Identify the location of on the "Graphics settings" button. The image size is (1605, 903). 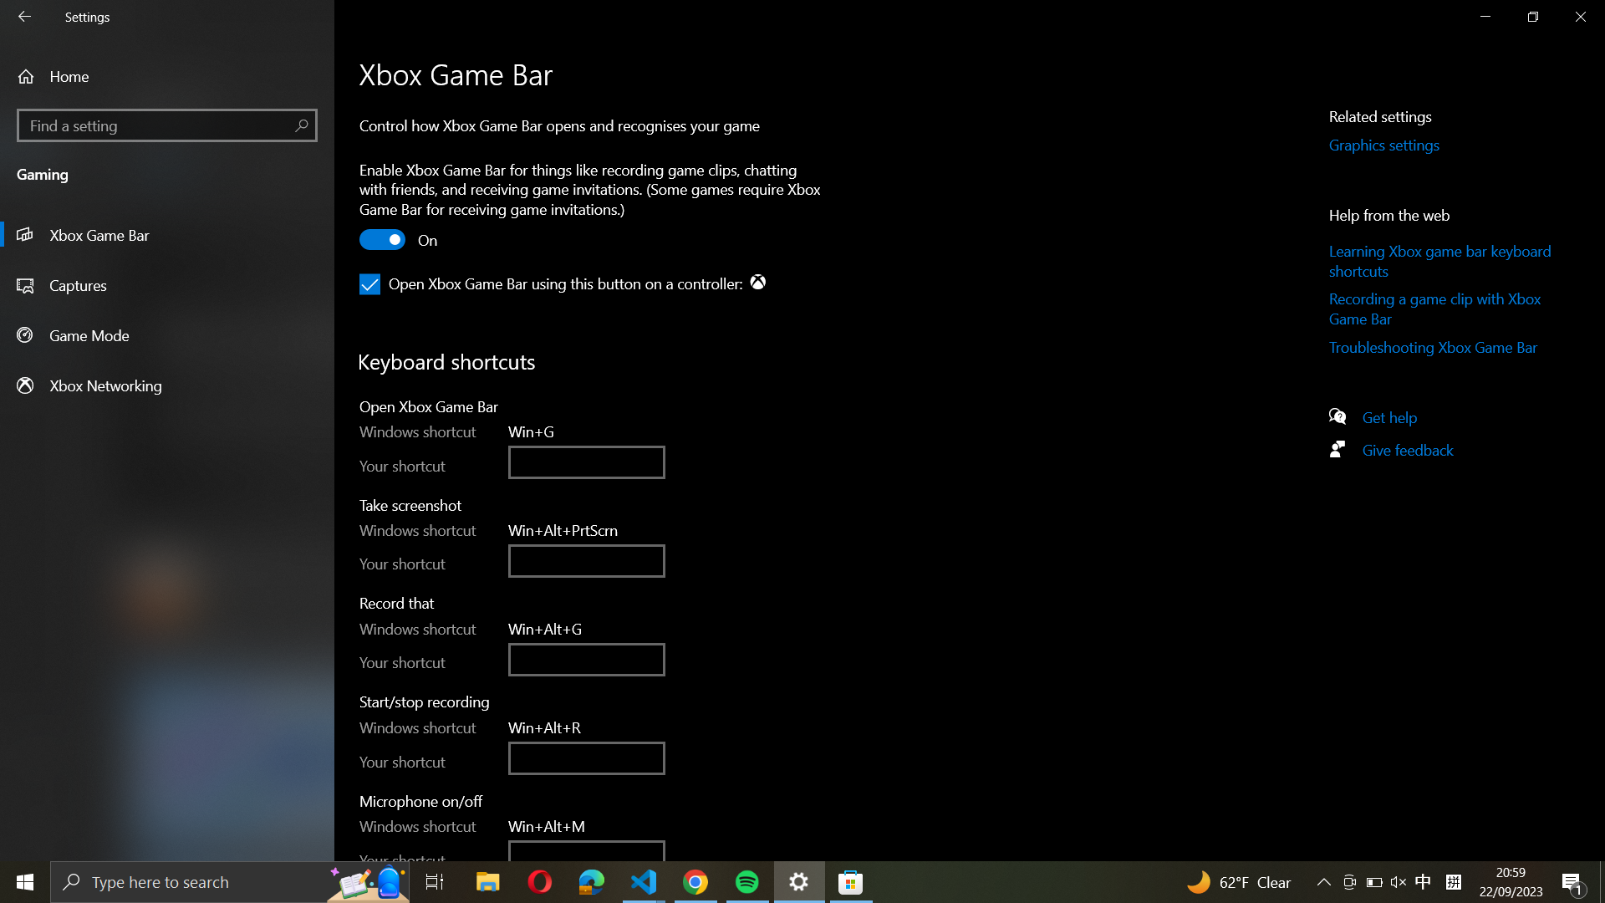
(1404, 145).